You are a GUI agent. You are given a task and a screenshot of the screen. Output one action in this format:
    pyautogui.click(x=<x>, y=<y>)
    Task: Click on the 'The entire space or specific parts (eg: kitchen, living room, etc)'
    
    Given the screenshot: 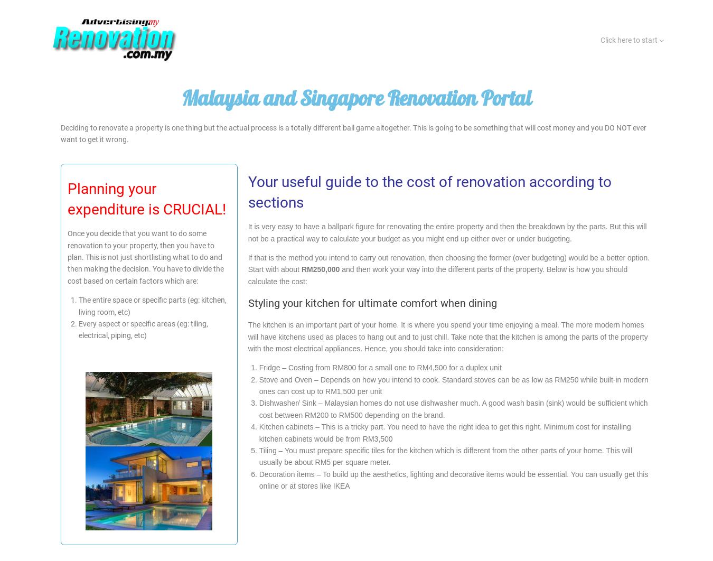 What is the action you would take?
    pyautogui.click(x=152, y=306)
    